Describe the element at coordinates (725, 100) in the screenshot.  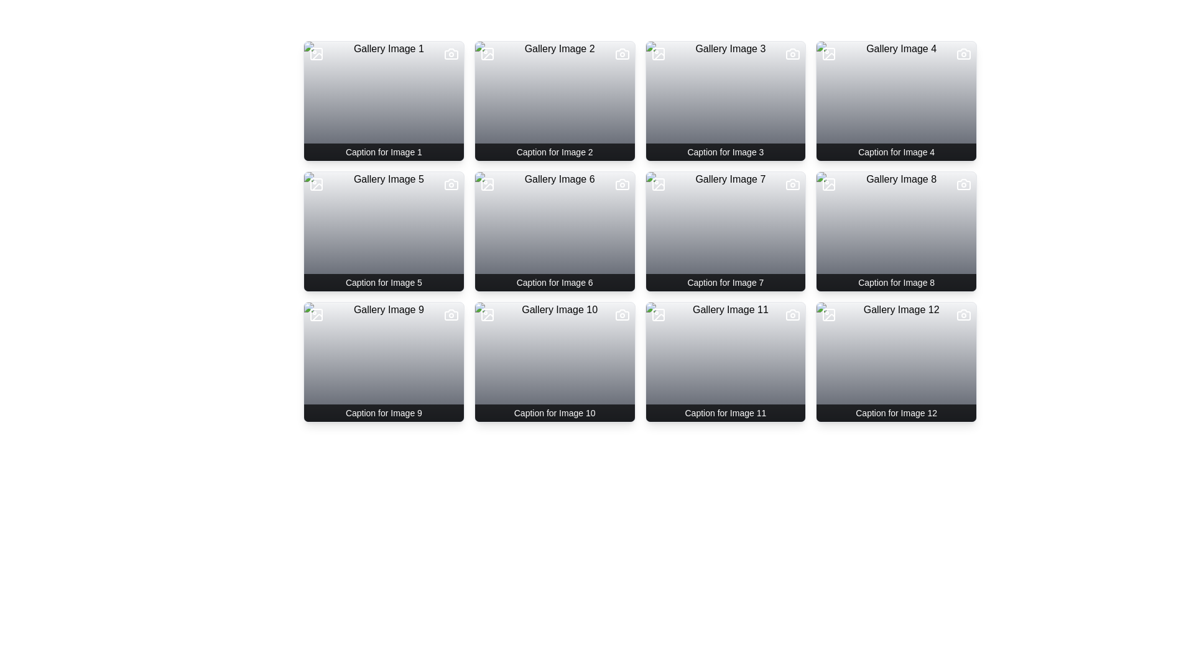
I see `the icons in the top corners of the card that represents an image or content preview item, located as the third item in the first row of a grid layout` at that location.